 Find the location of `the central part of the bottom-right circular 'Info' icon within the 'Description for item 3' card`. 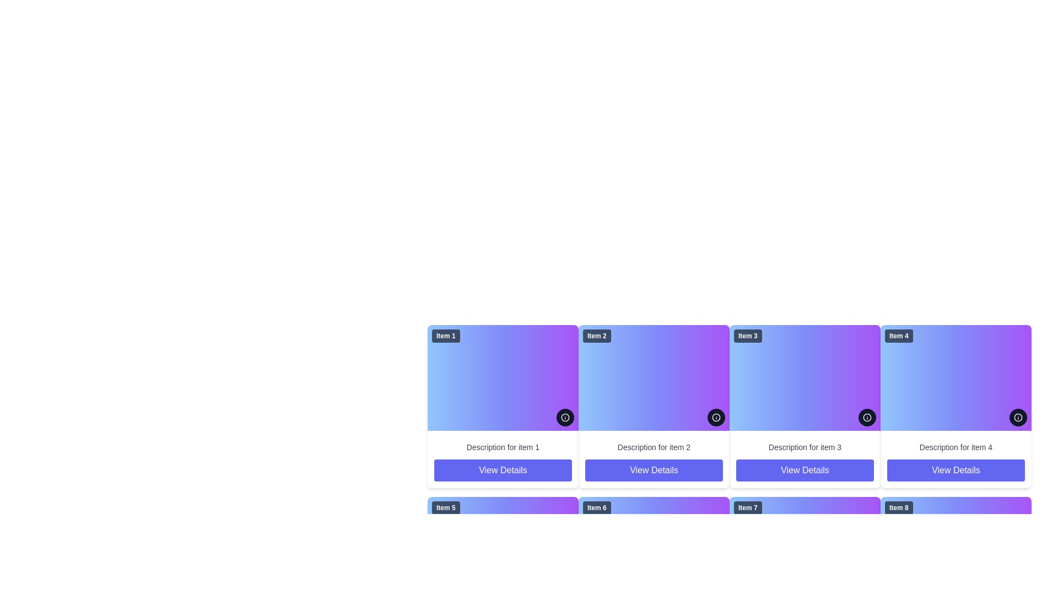

the central part of the bottom-right circular 'Info' icon within the 'Description for item 3' card is located at coordinates (867, 418).